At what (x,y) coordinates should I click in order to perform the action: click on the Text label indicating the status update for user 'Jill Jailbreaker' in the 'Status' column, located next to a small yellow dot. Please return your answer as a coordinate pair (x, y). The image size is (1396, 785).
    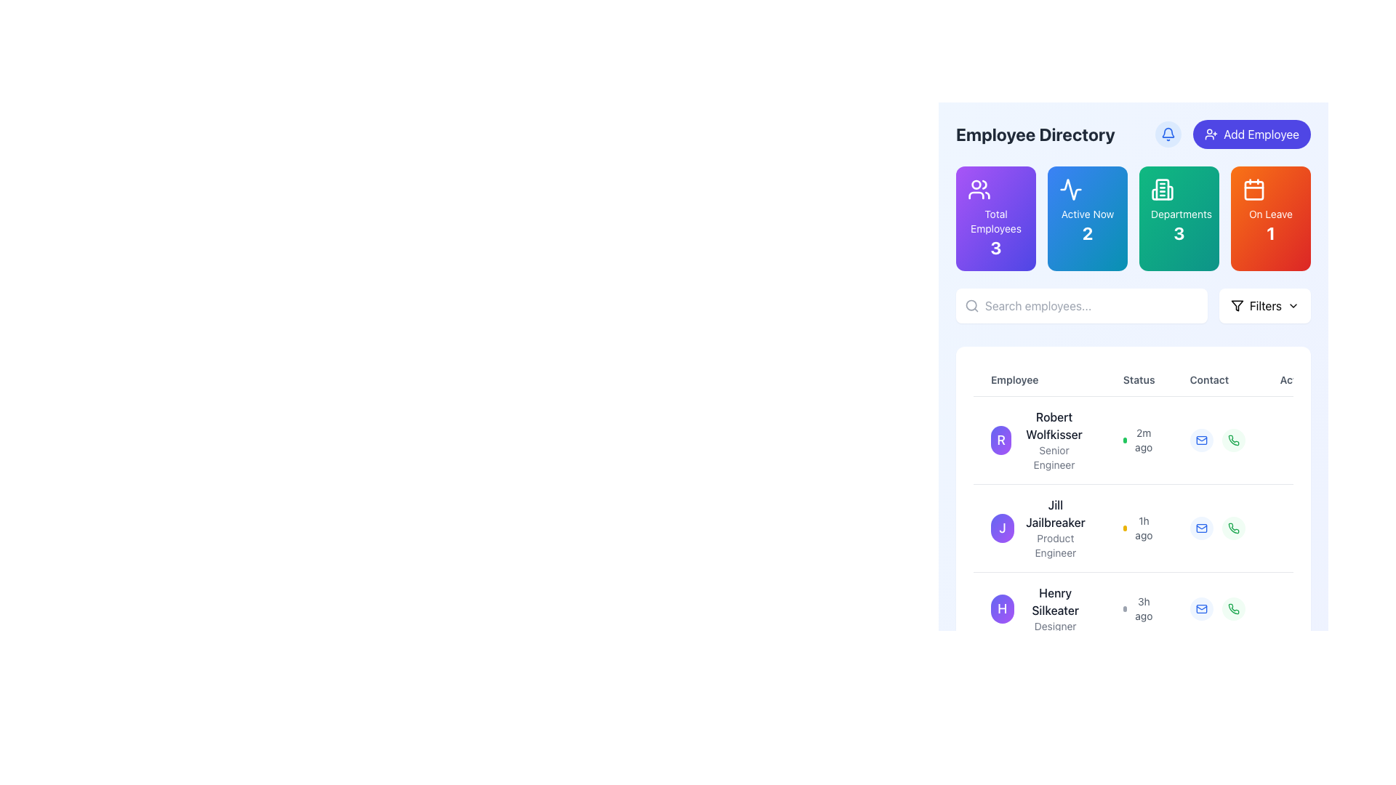
    Looking at the image, I should click on (1143, 528).